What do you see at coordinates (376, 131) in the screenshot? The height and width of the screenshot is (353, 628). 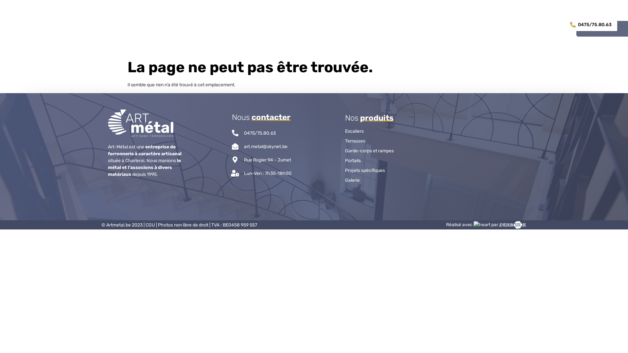 I see `'Escaliers'` at bounding box center [376, 131].